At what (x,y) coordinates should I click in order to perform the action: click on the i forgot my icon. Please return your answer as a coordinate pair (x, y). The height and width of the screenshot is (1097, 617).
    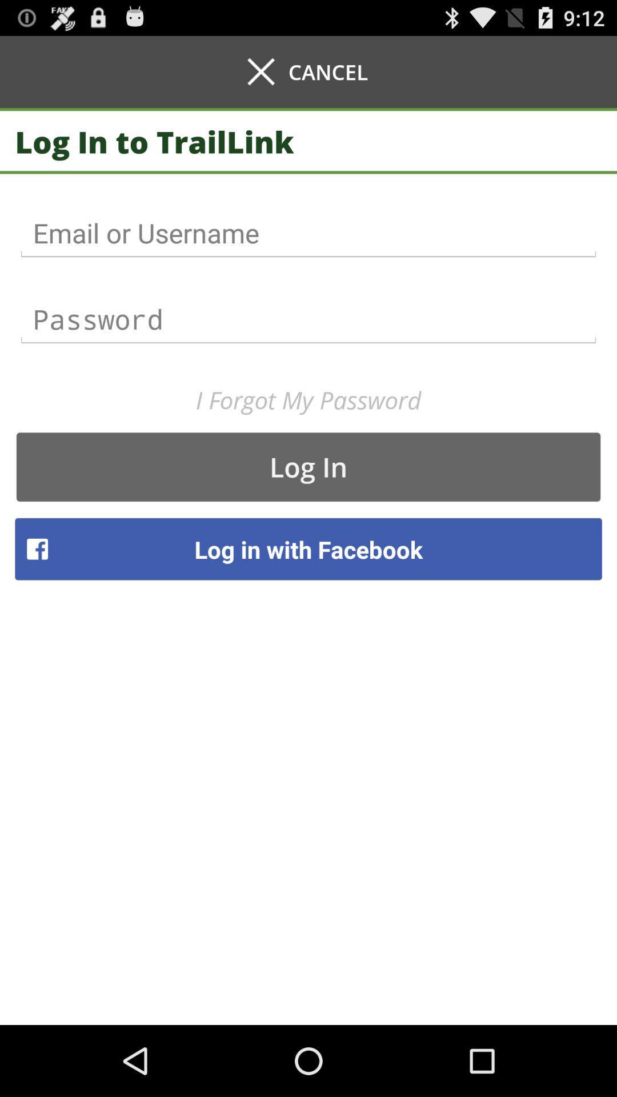
    Looking at the image, I should click on (308, 400).